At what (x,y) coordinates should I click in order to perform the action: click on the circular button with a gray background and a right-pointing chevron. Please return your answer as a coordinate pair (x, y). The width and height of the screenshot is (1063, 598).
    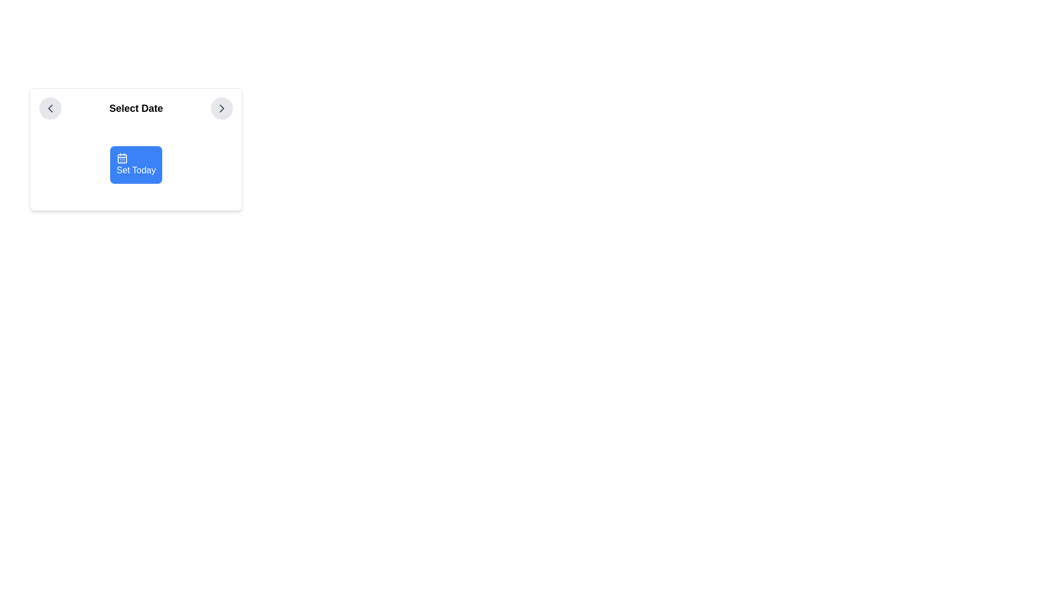
    Looking at the image, I should click on (221, 109).